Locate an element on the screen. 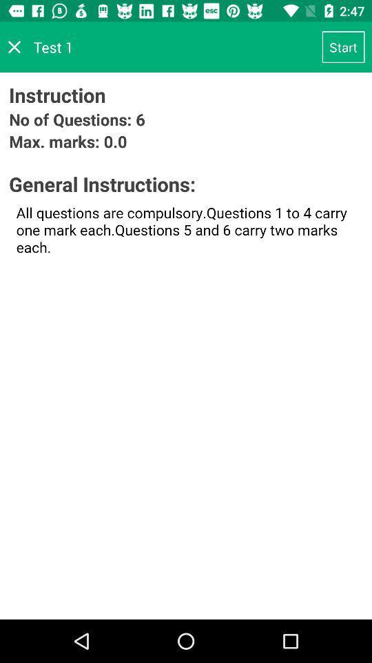 The height and width of the screenshot is (663, 372). delete button is located at coordinates (14, 47).